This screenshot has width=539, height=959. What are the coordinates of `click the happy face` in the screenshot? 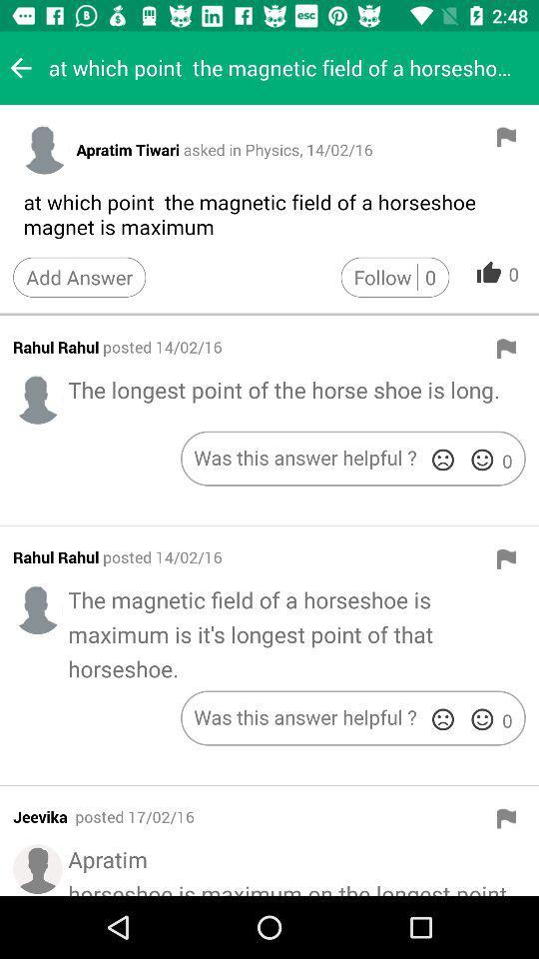 It's located at (481, 460).